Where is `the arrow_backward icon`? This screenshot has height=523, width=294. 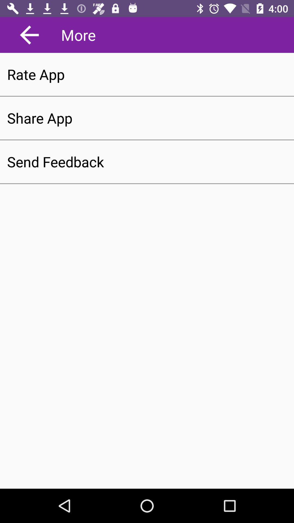 the arrow_backward icon is located at coordinates (29, 35).